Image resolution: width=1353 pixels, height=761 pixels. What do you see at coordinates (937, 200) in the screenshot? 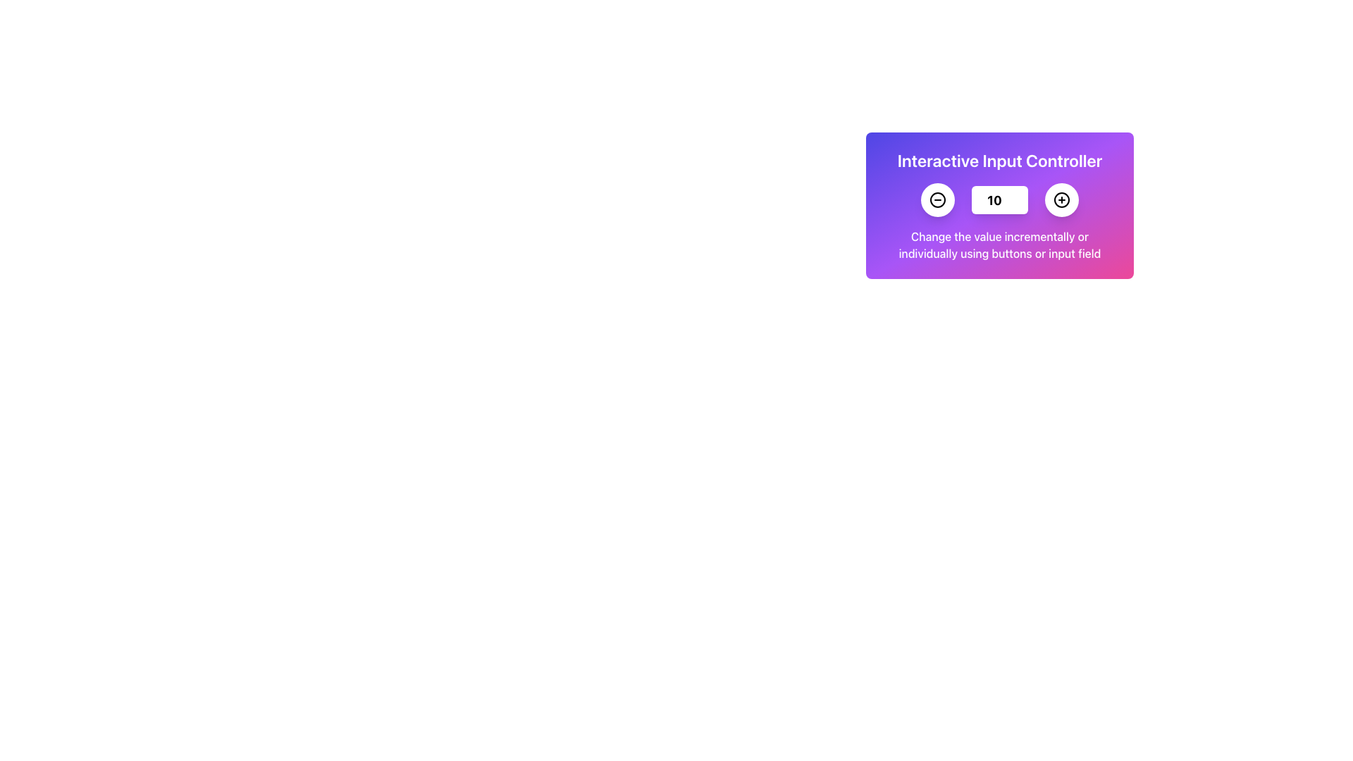
I see `the decrement button located to the left of the numerical input box to observe any hover effects` at bounding box center [937, 200].